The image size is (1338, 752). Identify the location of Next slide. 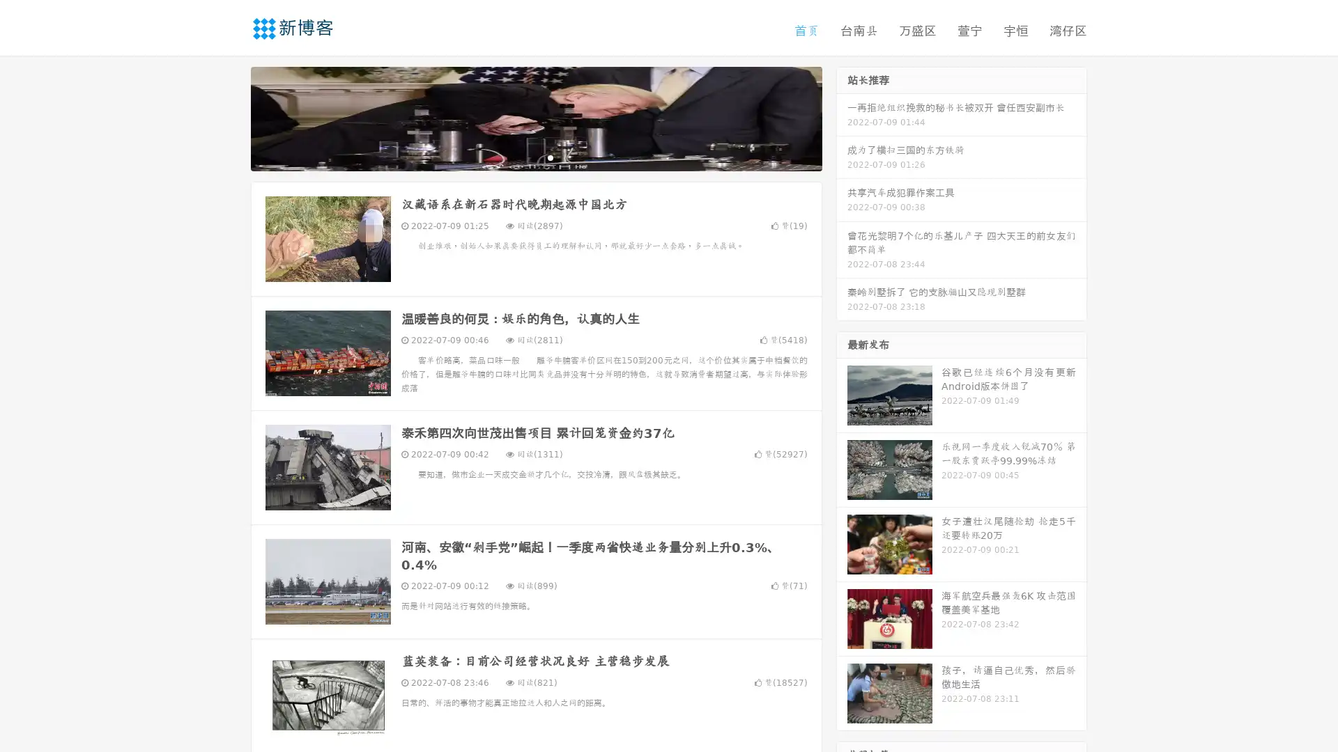
(842, 117).